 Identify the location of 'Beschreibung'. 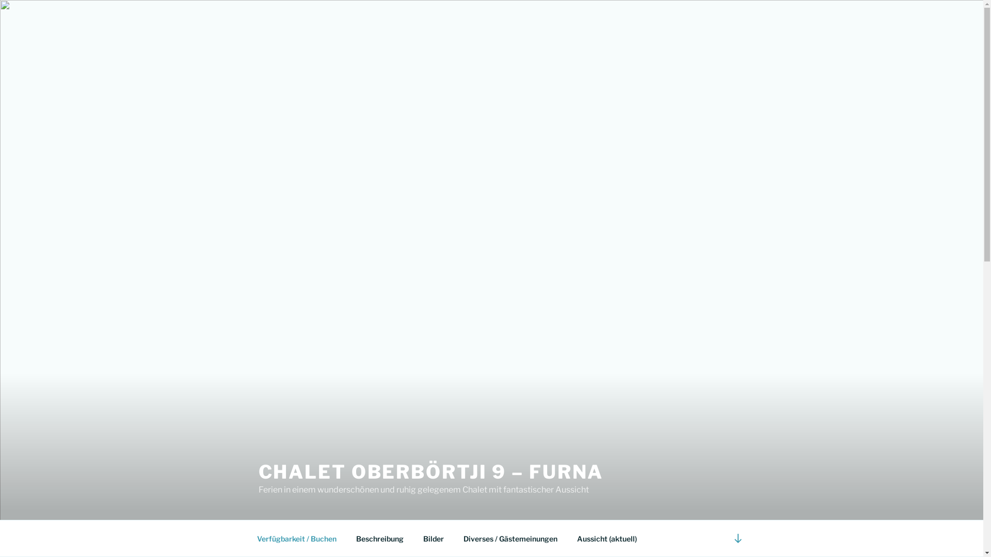
(379, 538).